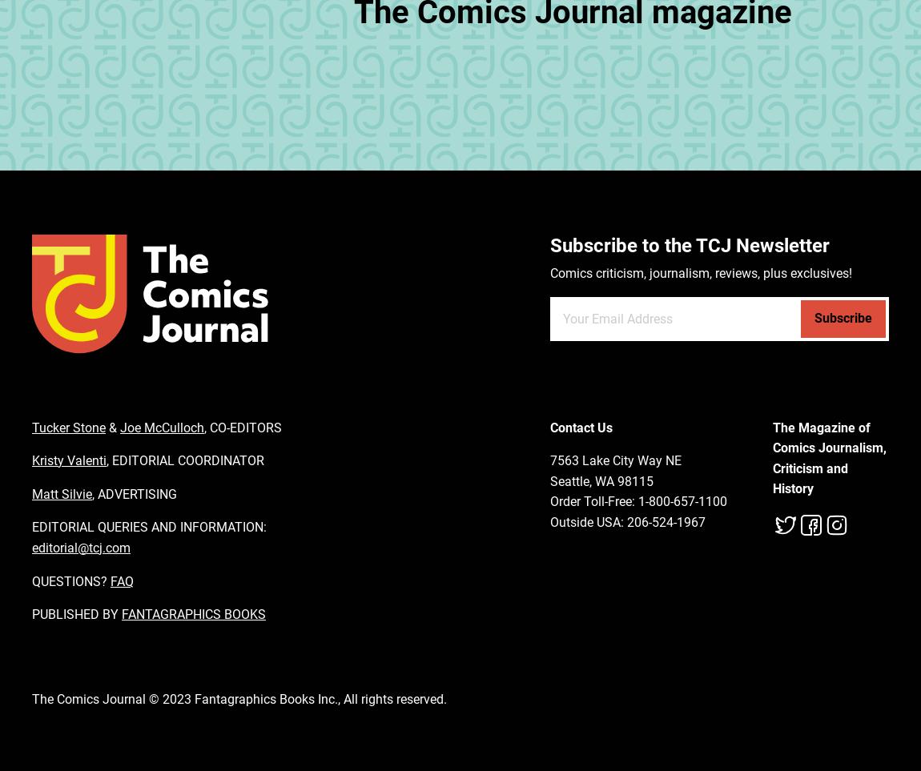 The width and height of the screenshot is (921, 771). I want to click on '7563 Lake City Way NE', so click(615, 460).